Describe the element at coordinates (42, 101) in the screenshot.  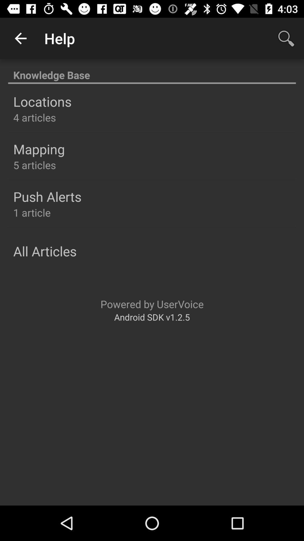
I see `the locations icon` at that location.